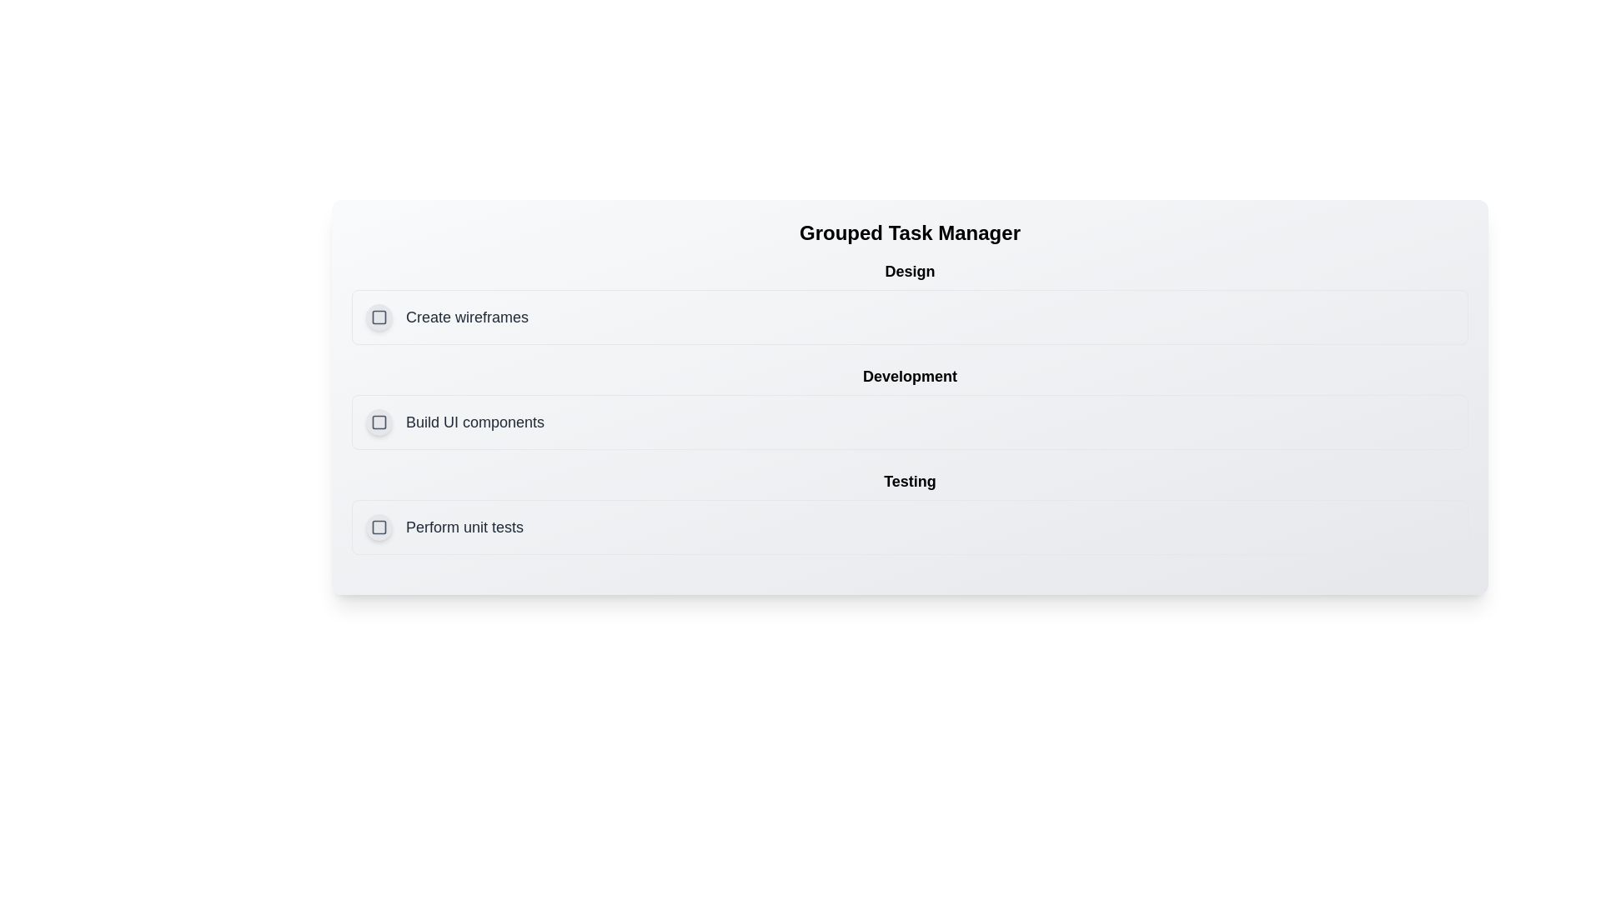  Describe the element at coordinates (909, 482) in the screenshot. I see `text from the header or title element that categorizes the 'Perform unit tests' task, which is centrally positioned in its section` at that location.